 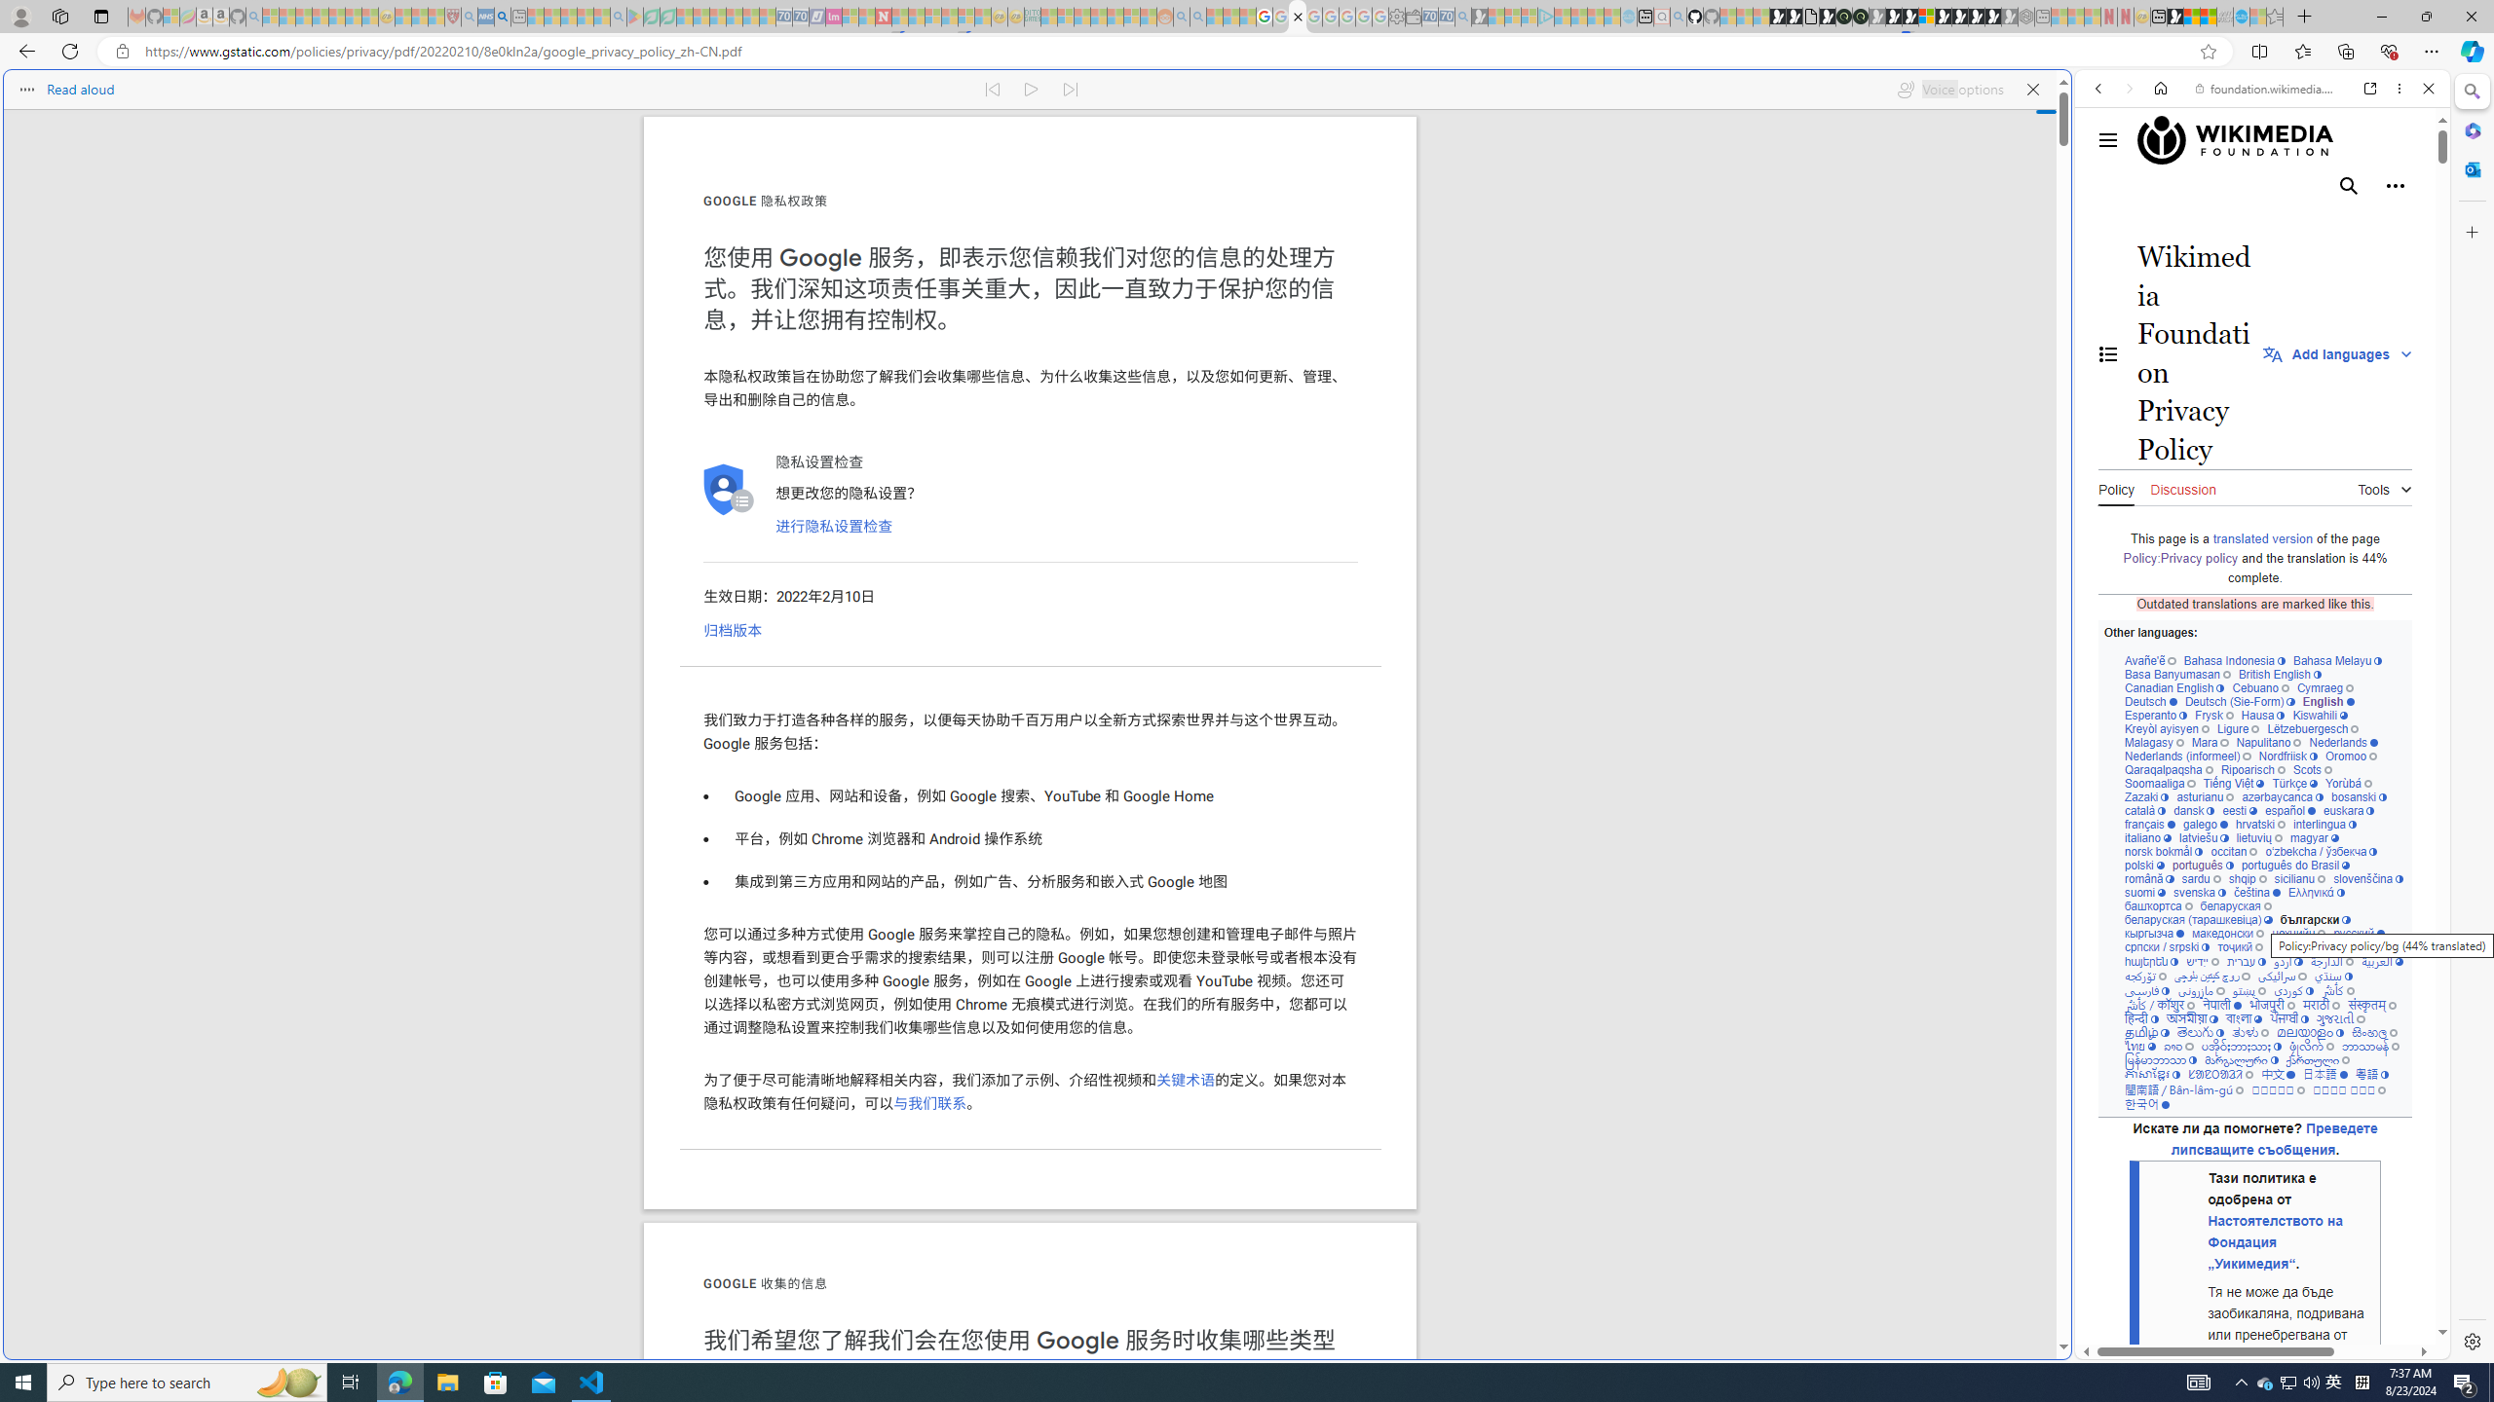 I want to click on 'Napulitano', so click(x=2267, y=742).